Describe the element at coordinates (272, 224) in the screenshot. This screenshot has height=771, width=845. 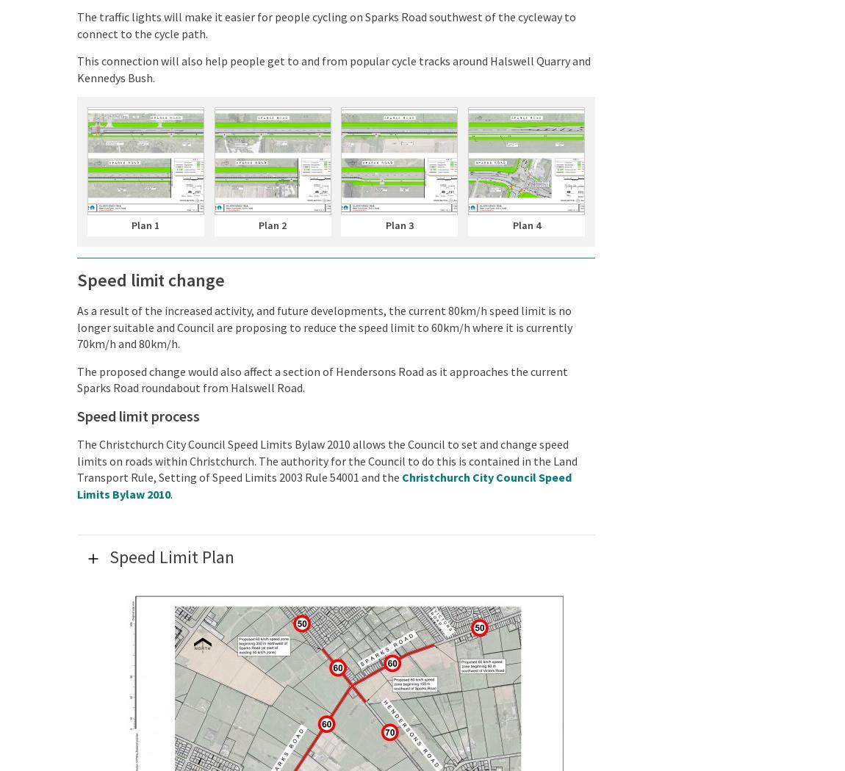
I see `'Plan 2'` at that location.